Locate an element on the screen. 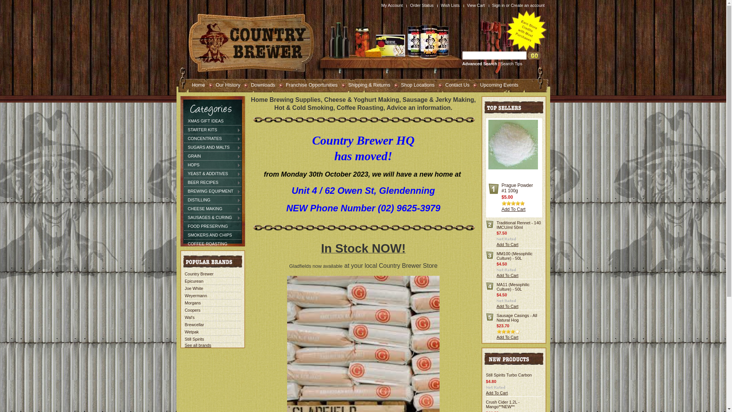  'Still Spirits Turbo Carbon' is located at coordinates (509, 375).